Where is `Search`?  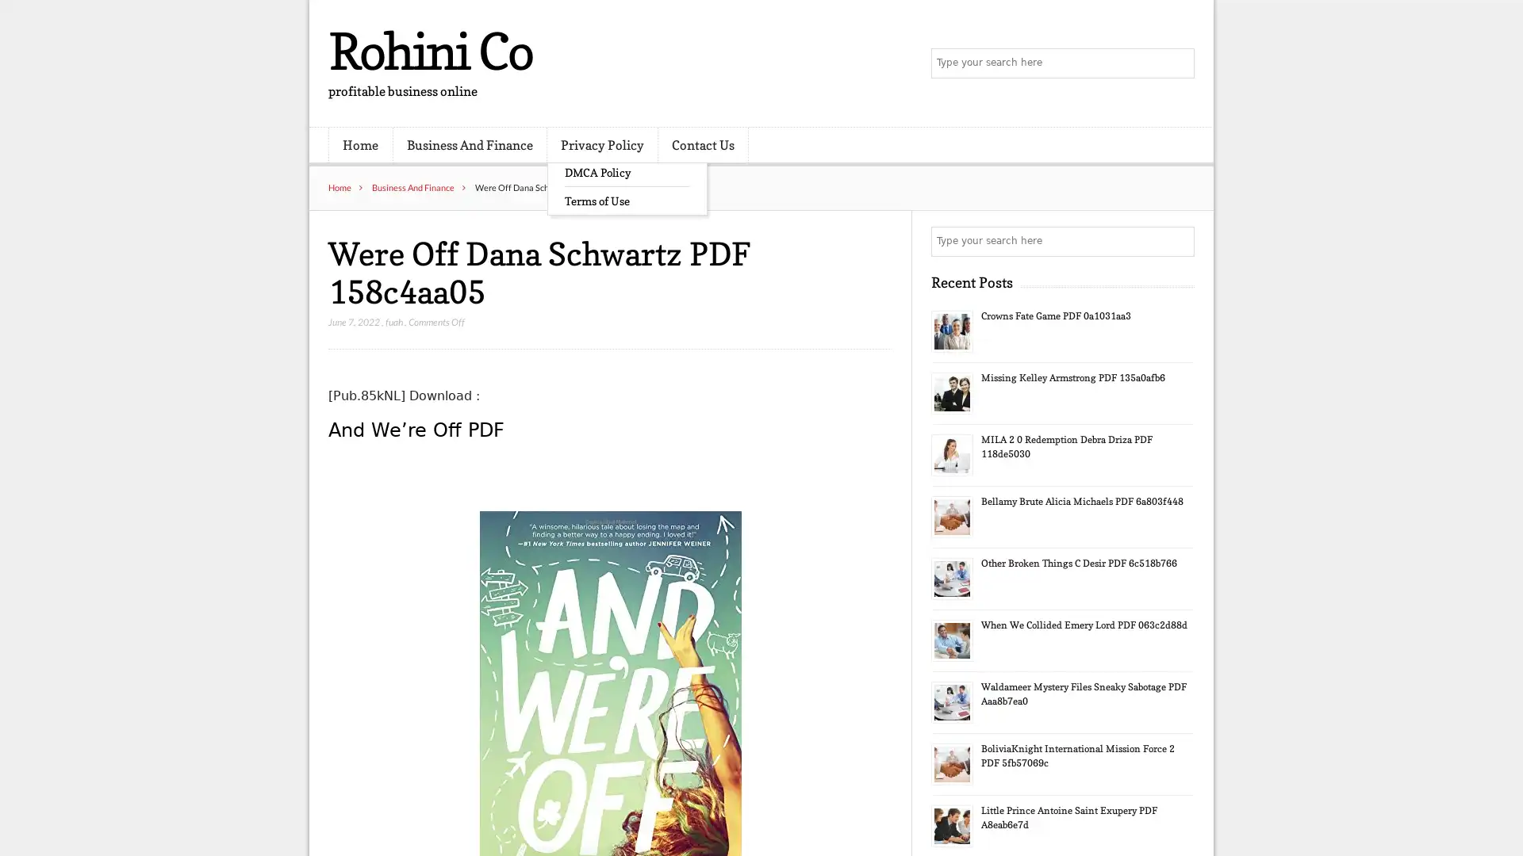 Search is located at coordinates (1178, 63).